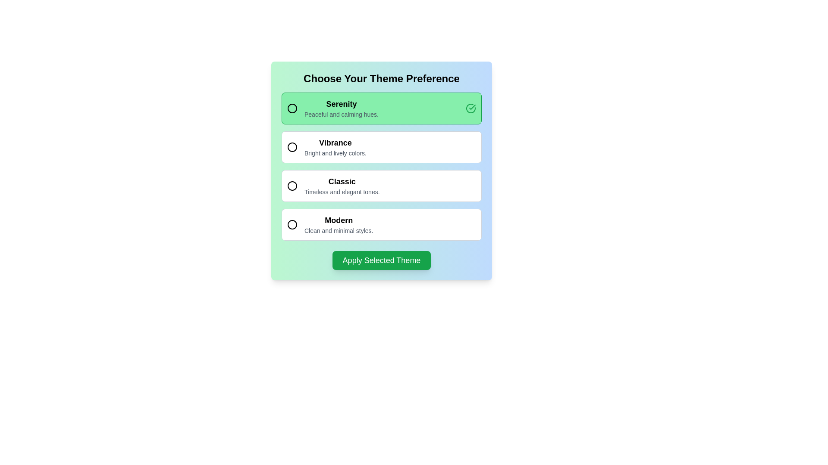  I want to click on the 'Classic' theme selectable card, so click(381, 171).